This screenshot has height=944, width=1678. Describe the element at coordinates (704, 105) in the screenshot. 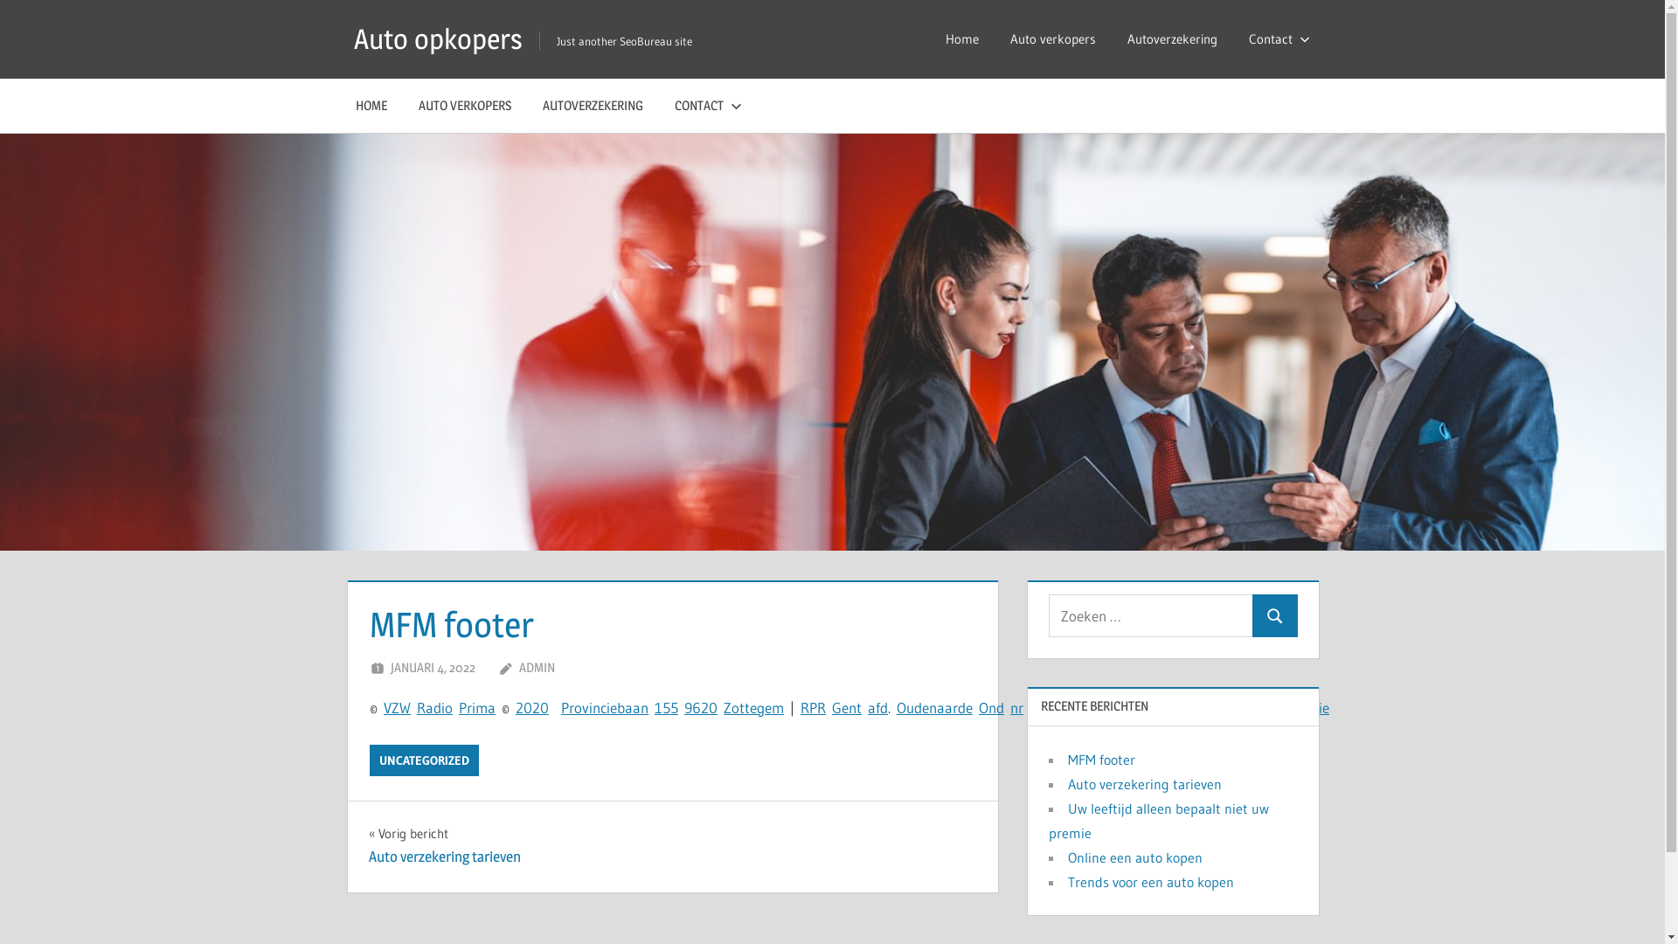

I see `'CONTACT'` at that location.